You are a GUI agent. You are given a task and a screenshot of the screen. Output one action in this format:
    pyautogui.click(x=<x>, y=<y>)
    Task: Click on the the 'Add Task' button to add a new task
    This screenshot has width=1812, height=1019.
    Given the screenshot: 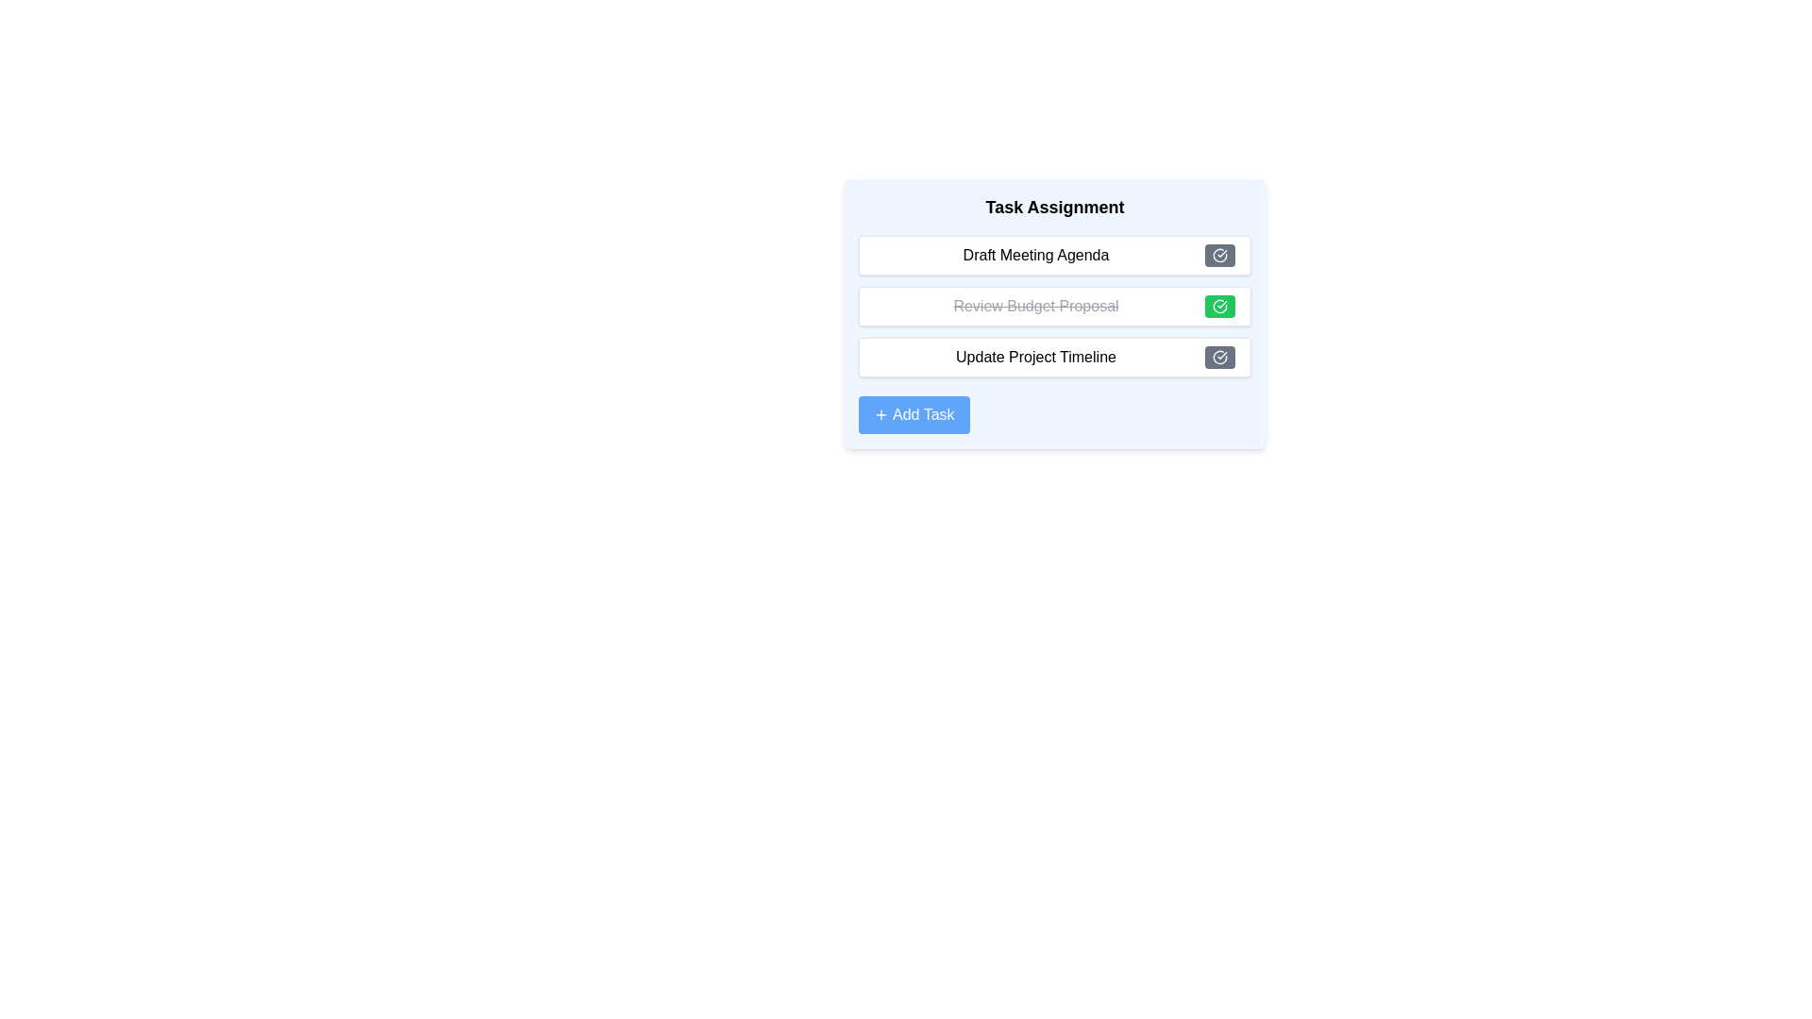 What is the action you would take?
    pyautogui.click(x=914, y=413)
    